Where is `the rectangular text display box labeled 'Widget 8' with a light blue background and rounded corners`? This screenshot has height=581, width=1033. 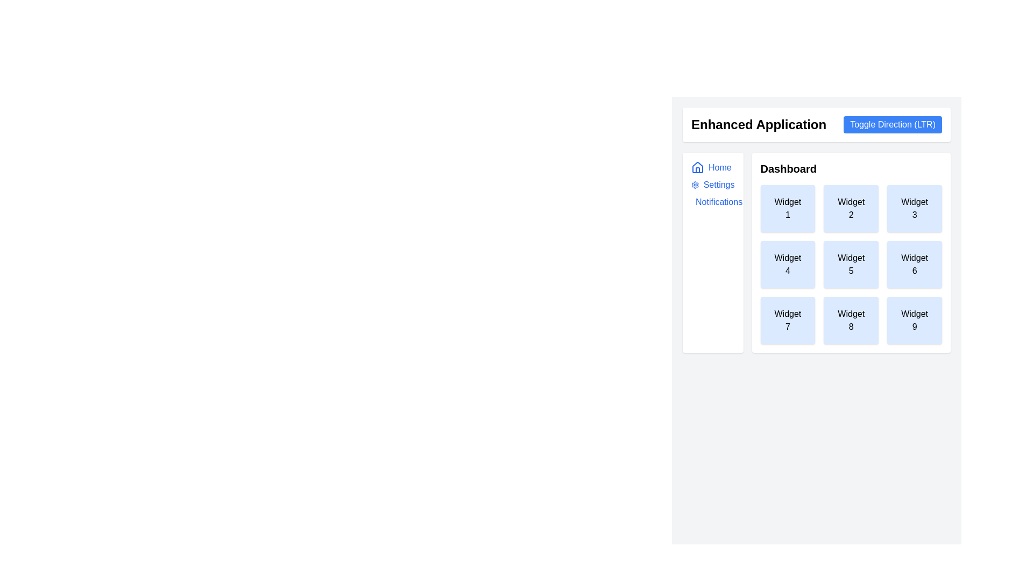
the rectangular text display box labeled 'Widget 8' with a light blue background and rounded corners is located at coordinates (851, 320).